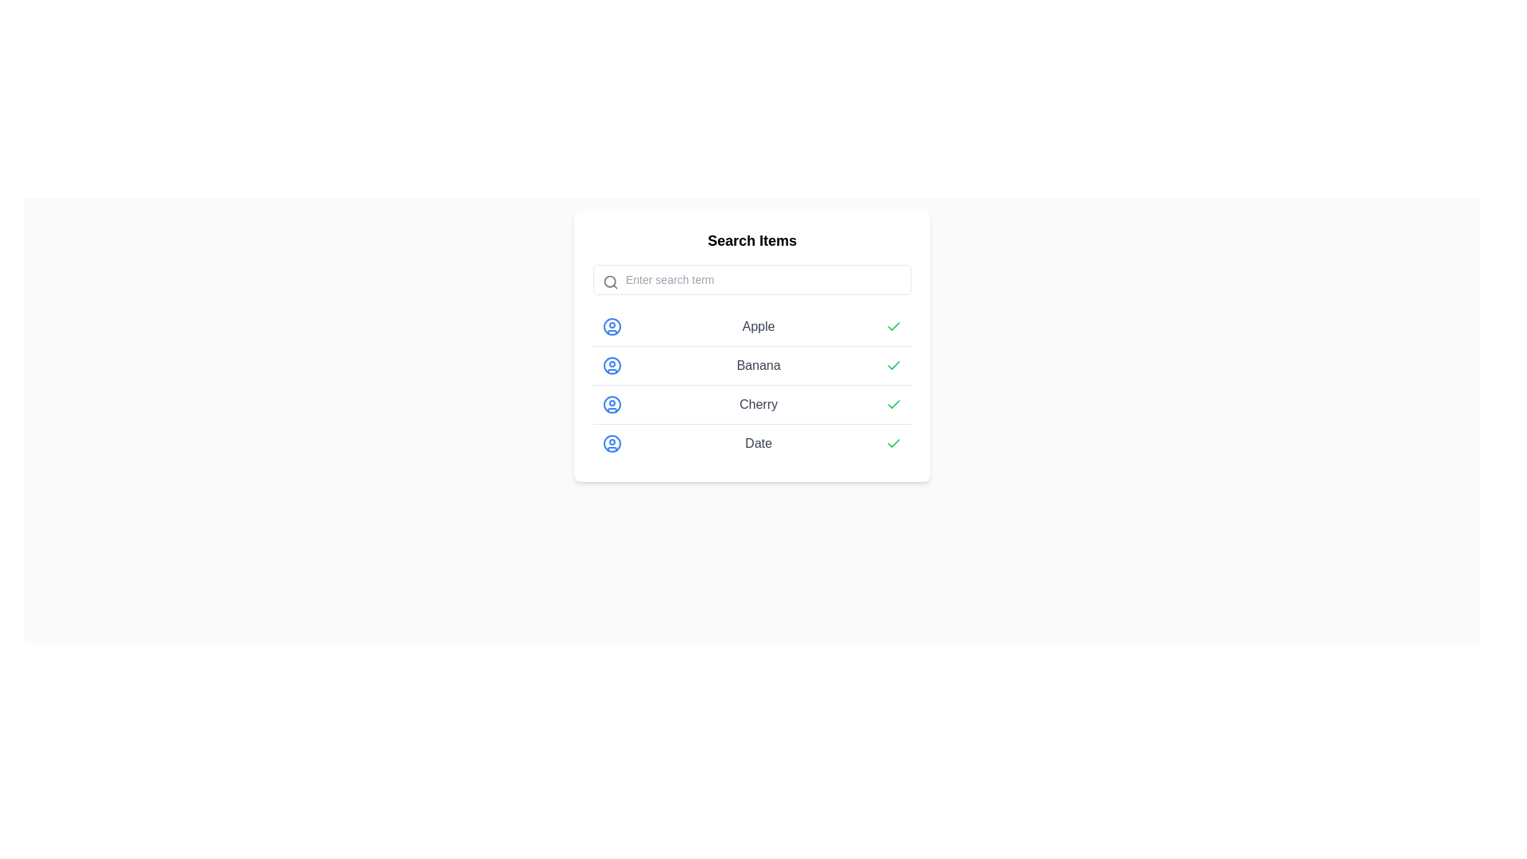  I want to click on the search functionality icon located on the left side of the search input field, within a smaller square area, so click(610, 281).